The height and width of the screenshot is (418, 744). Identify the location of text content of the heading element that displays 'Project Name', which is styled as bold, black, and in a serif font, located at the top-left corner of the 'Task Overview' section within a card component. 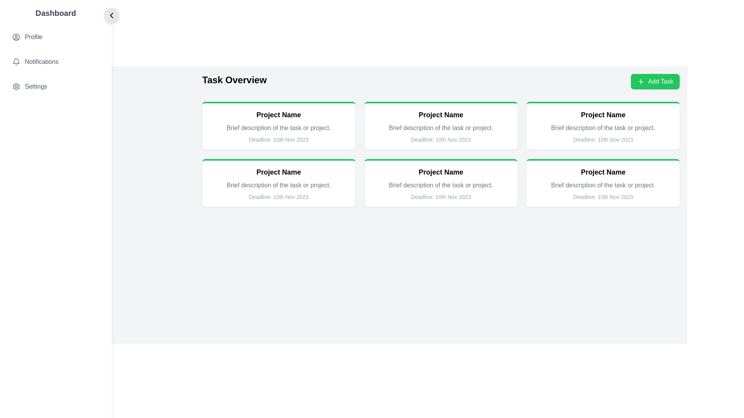
(279, 115).